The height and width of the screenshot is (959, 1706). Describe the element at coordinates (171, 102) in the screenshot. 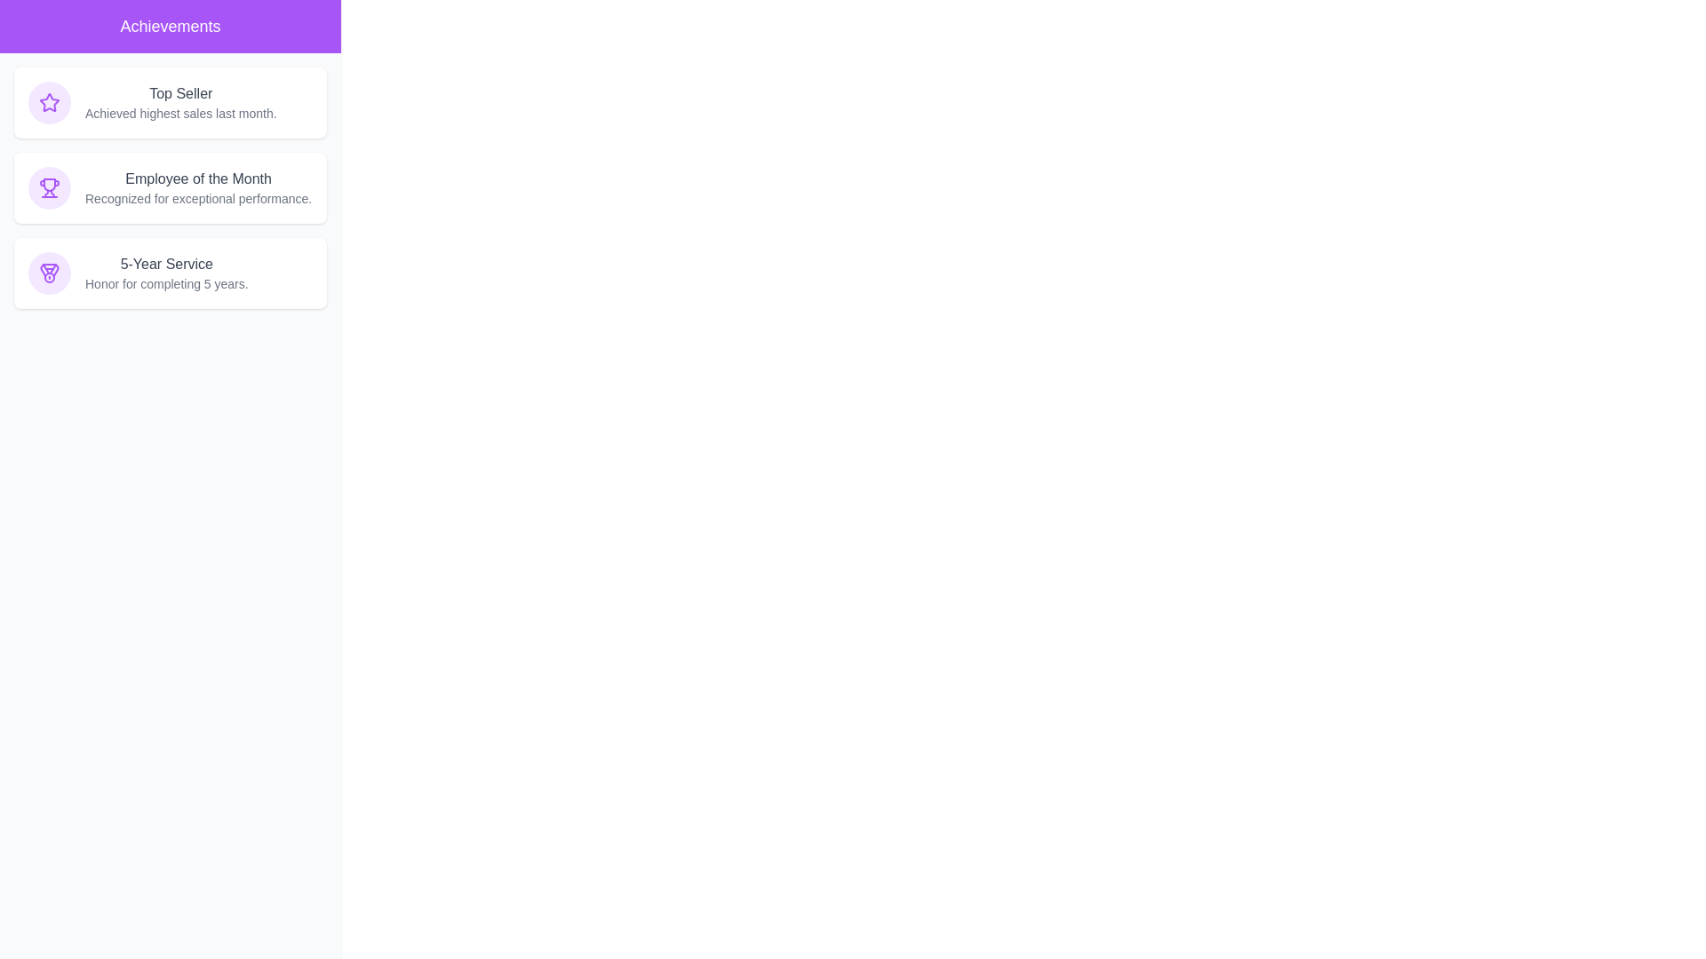

I see `the achievement Top Seller from the list` at that location.